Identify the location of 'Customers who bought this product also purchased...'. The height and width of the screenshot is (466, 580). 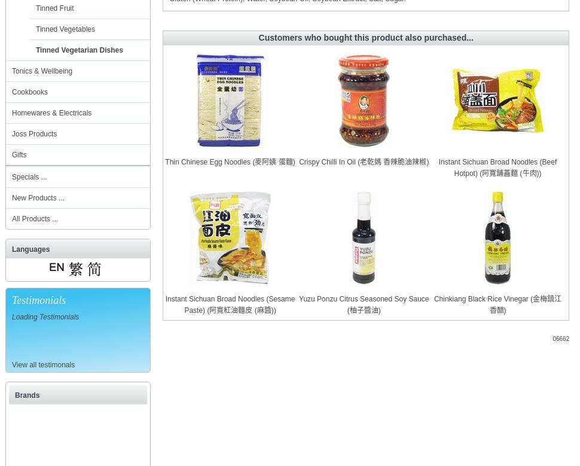
(365, 38).